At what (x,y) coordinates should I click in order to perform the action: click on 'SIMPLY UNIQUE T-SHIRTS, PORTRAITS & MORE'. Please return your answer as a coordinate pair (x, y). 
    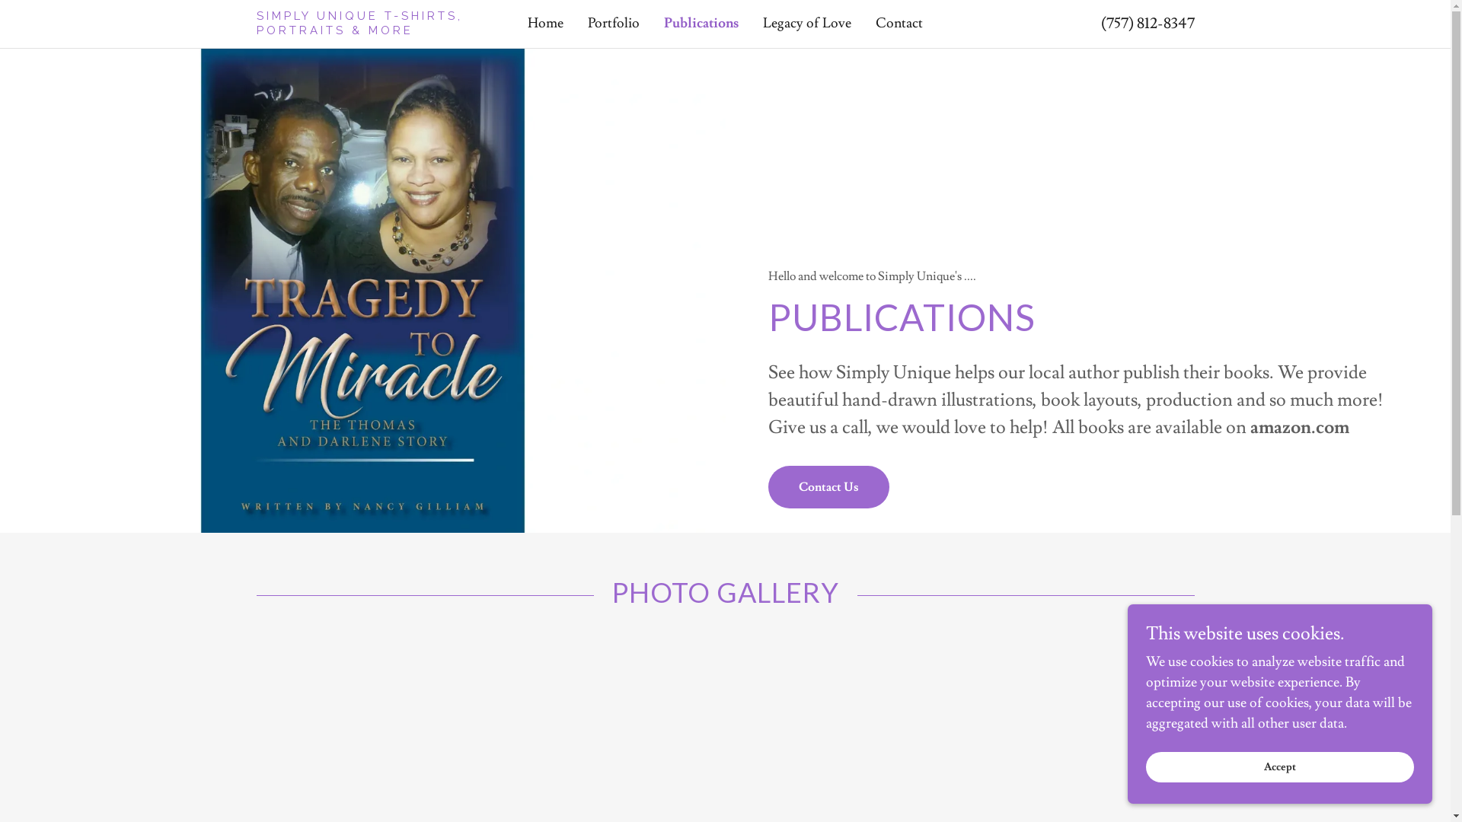
    Looking at the image, I should click on (372, 30).